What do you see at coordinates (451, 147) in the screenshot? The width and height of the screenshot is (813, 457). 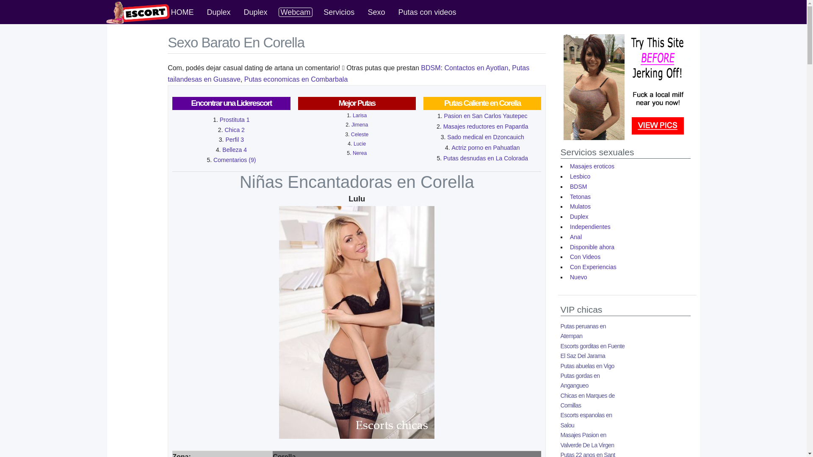 I see `'Actriz porno en Pahuatlan'` at bounding box center [451, 147].